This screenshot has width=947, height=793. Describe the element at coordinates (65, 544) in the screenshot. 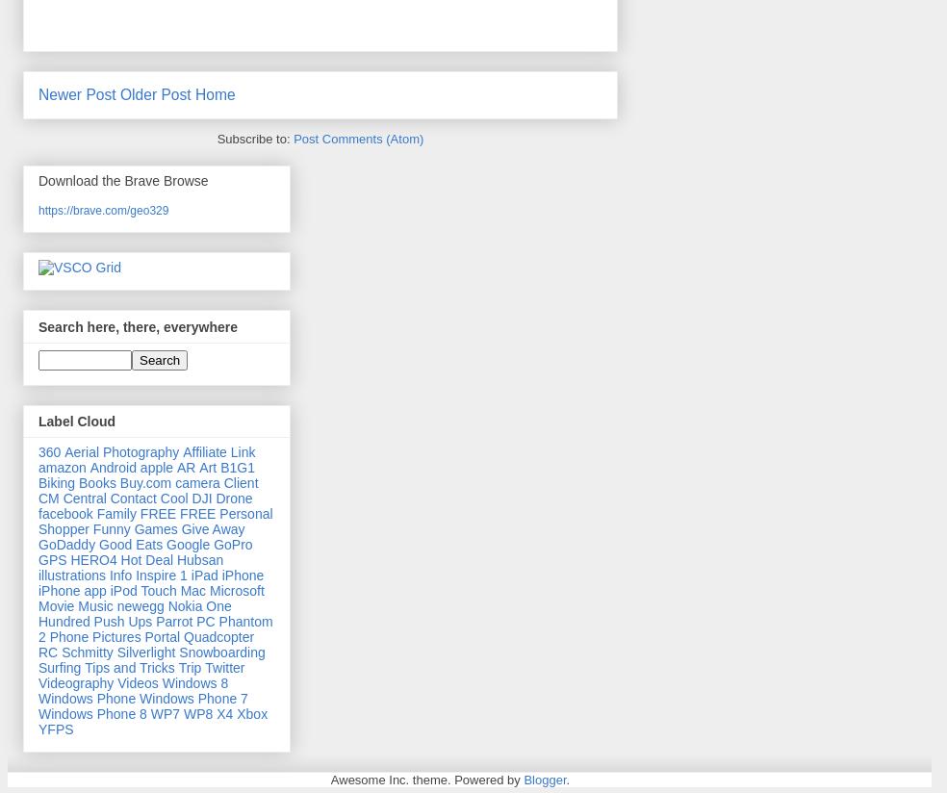

I see `'GoDaddy'` at that location.